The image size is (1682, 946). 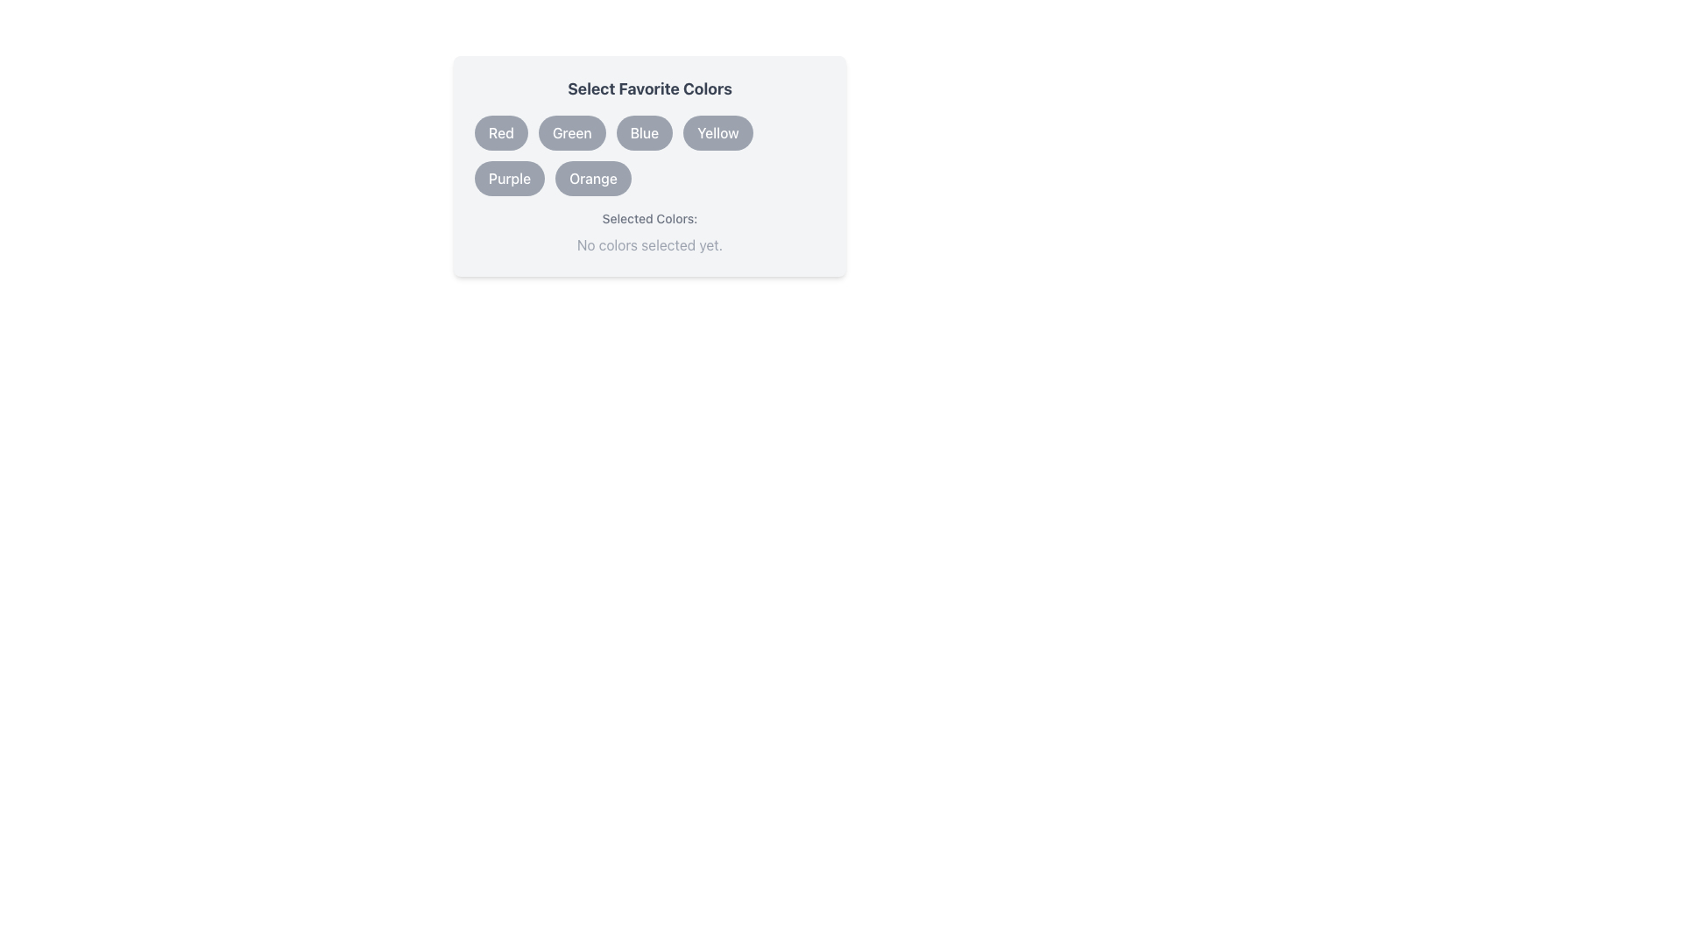 I want to click on the button labeled 'Blue', which is the third button in the top row of color buttons, so click(x=643, y=131).